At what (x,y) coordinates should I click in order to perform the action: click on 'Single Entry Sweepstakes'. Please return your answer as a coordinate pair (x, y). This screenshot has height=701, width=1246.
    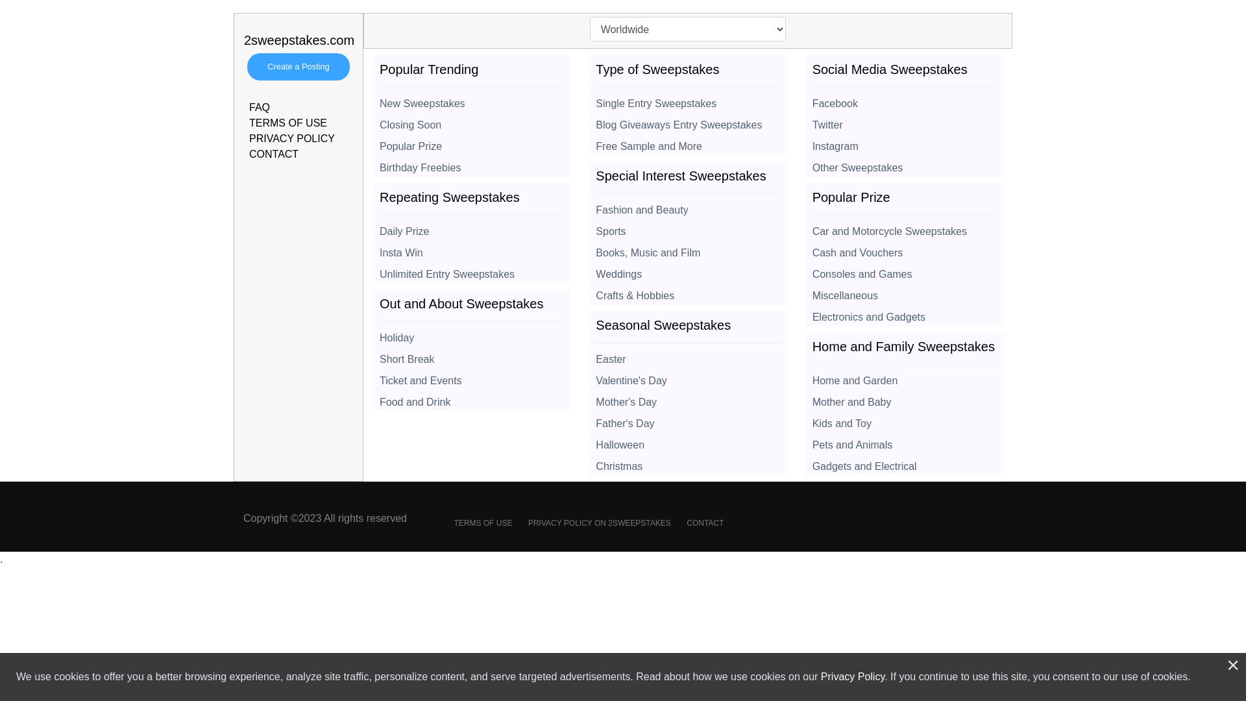
    Looking at the image, I should click on (687, 99).